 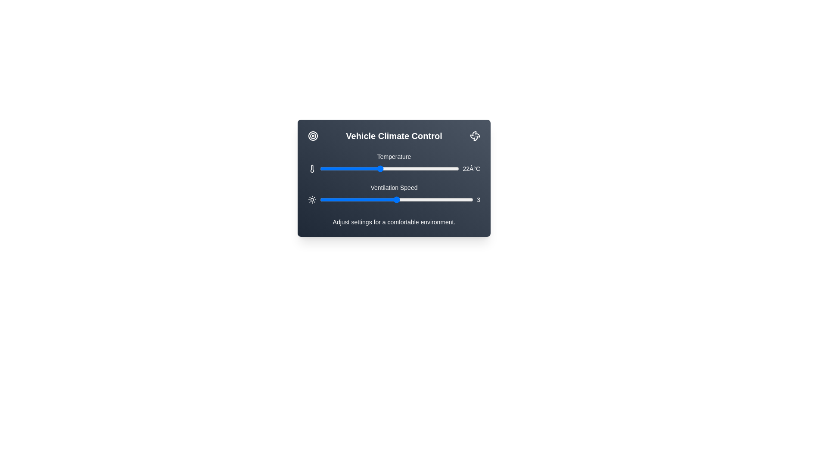 I want to click on the temperature slider to set the temperature to 22 degrees Celsius, so click(x=379, y=169).